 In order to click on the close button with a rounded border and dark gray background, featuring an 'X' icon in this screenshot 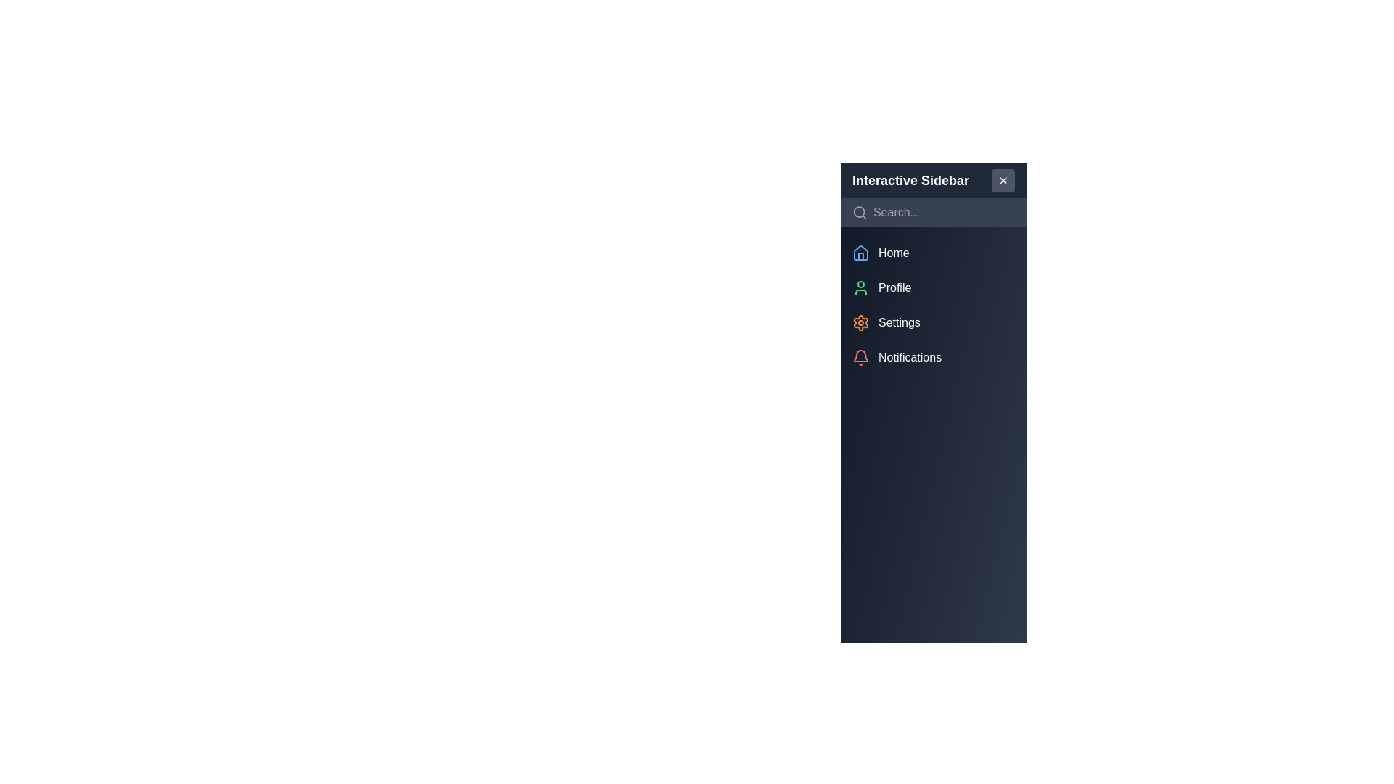, I will do `click(1003, 180)`.